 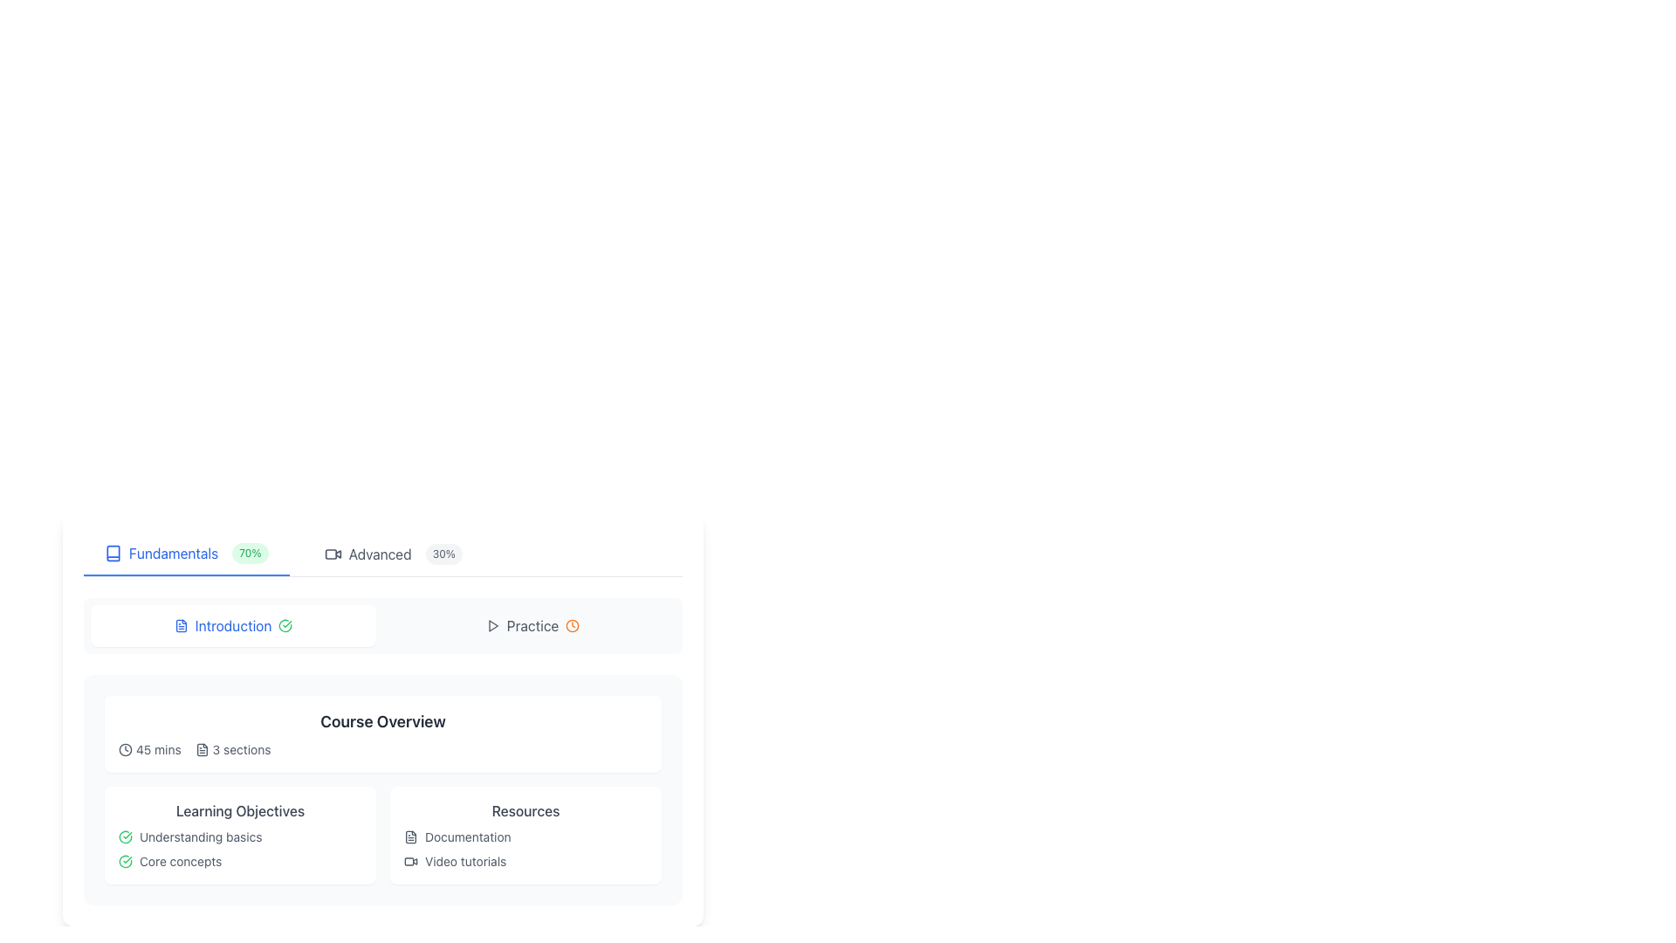 I want to click on the Label that displays 'Understanding basics' in dark gray, positioned as the first item under the 'Learning Objectives' section, so click(x=201, y=836).